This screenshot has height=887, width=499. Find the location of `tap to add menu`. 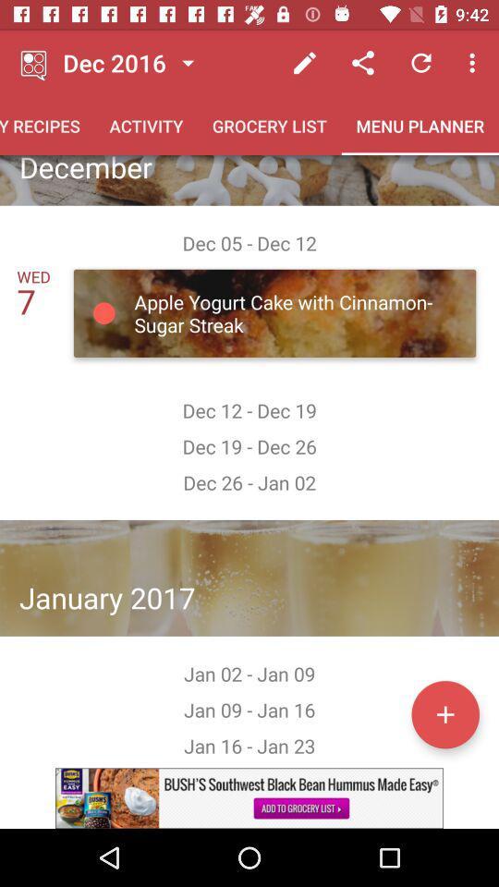

tap to add menu is located at coordinates (444, 713).